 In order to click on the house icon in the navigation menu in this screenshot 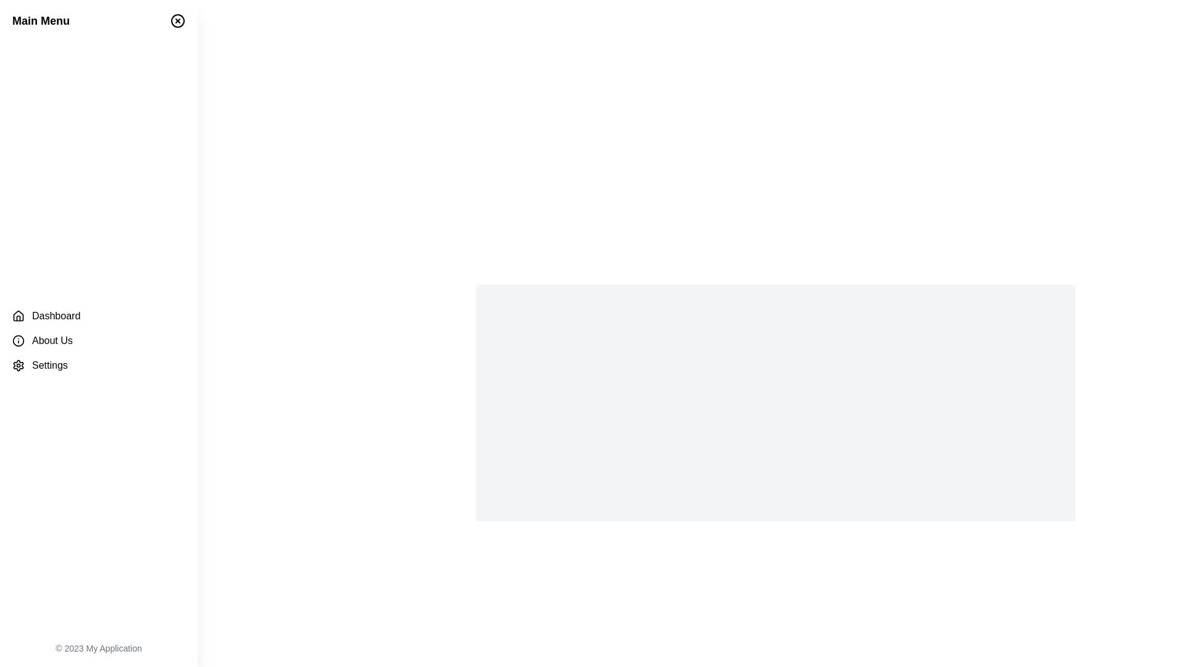, I will do `click(18, 314)`.